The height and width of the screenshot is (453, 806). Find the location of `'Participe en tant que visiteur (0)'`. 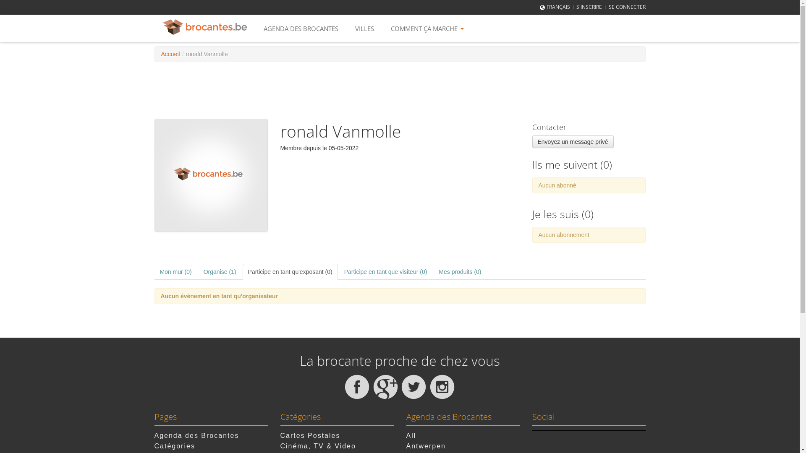

'Participe en tant que visiteur (0)' is located at coordinates (385, 272).